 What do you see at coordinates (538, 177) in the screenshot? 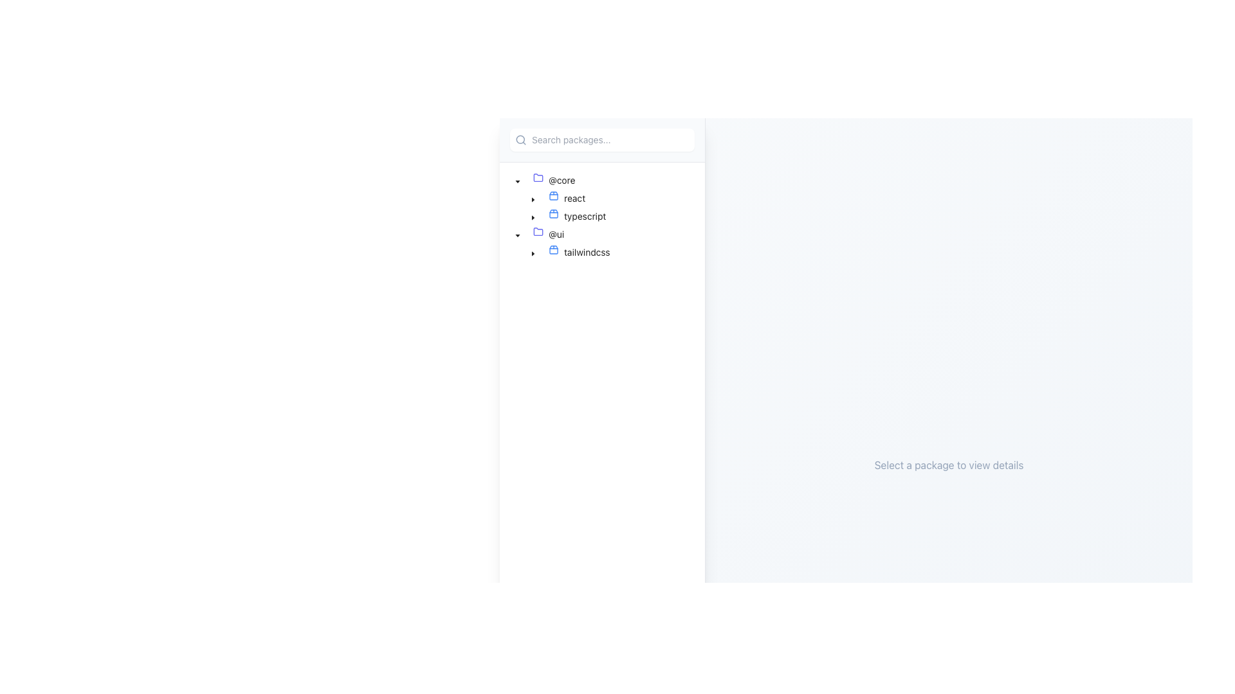
I see `the folder icon representing the '@core' package in the nested list structure, located on the left-hand side of the interface` at bounding box center [538, 177].